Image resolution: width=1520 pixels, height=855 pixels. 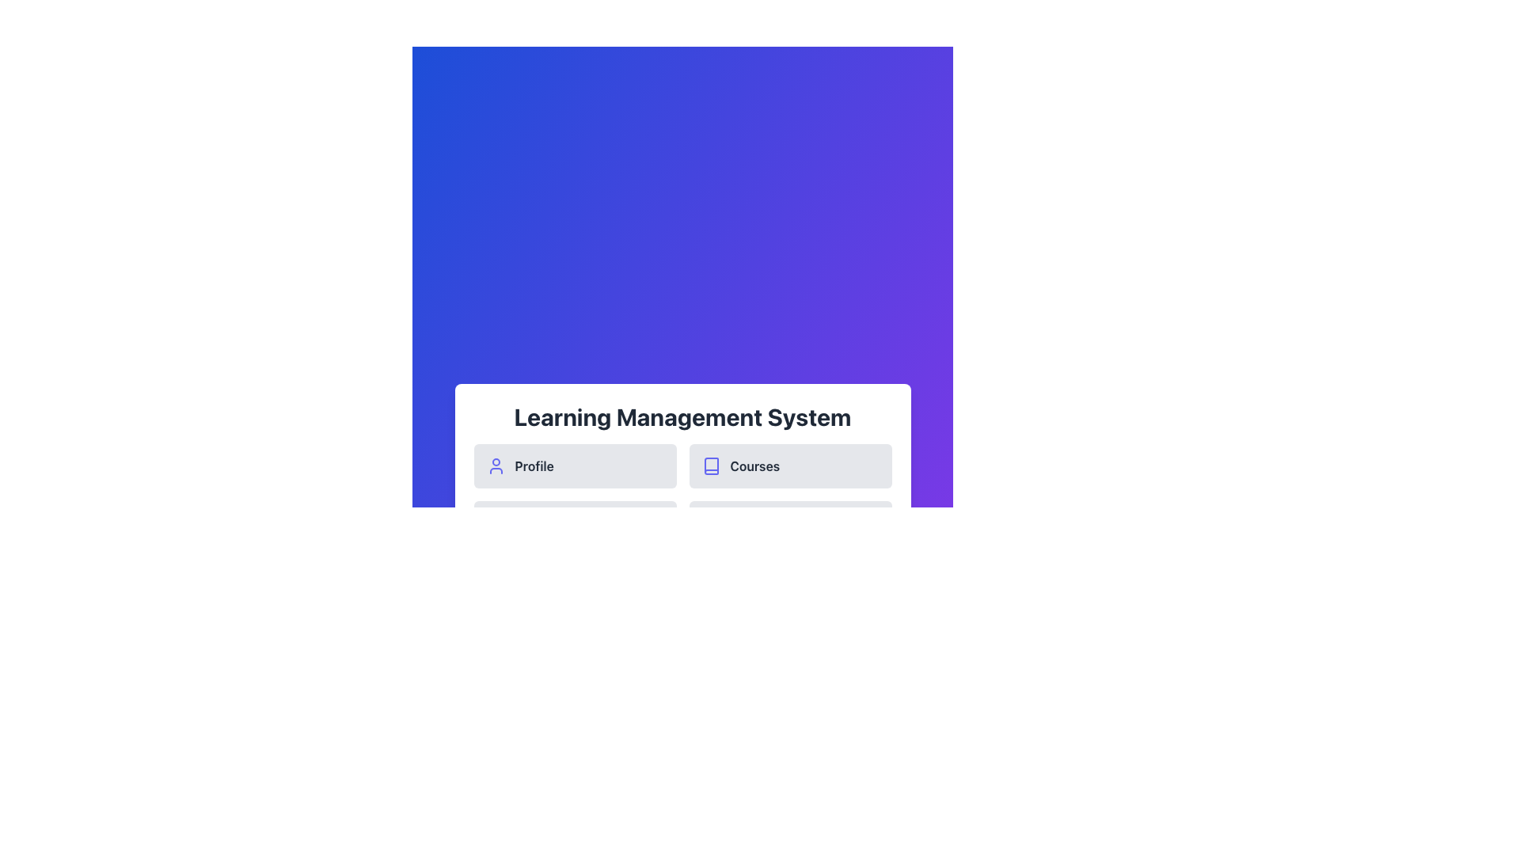 What do you see at coordinates (790, 465) in the screenshot?
I see `the navigational button located to the right of the 'Profile' button in the upper section of the grid` at bounding box center [790, 465].